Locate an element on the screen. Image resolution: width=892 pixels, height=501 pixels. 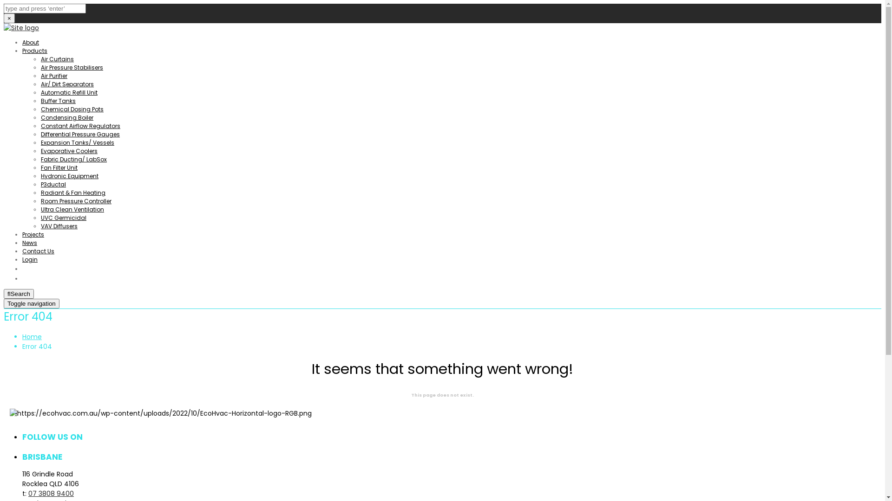
'Room Pressure Controller' is located at coordinates (76, 200).